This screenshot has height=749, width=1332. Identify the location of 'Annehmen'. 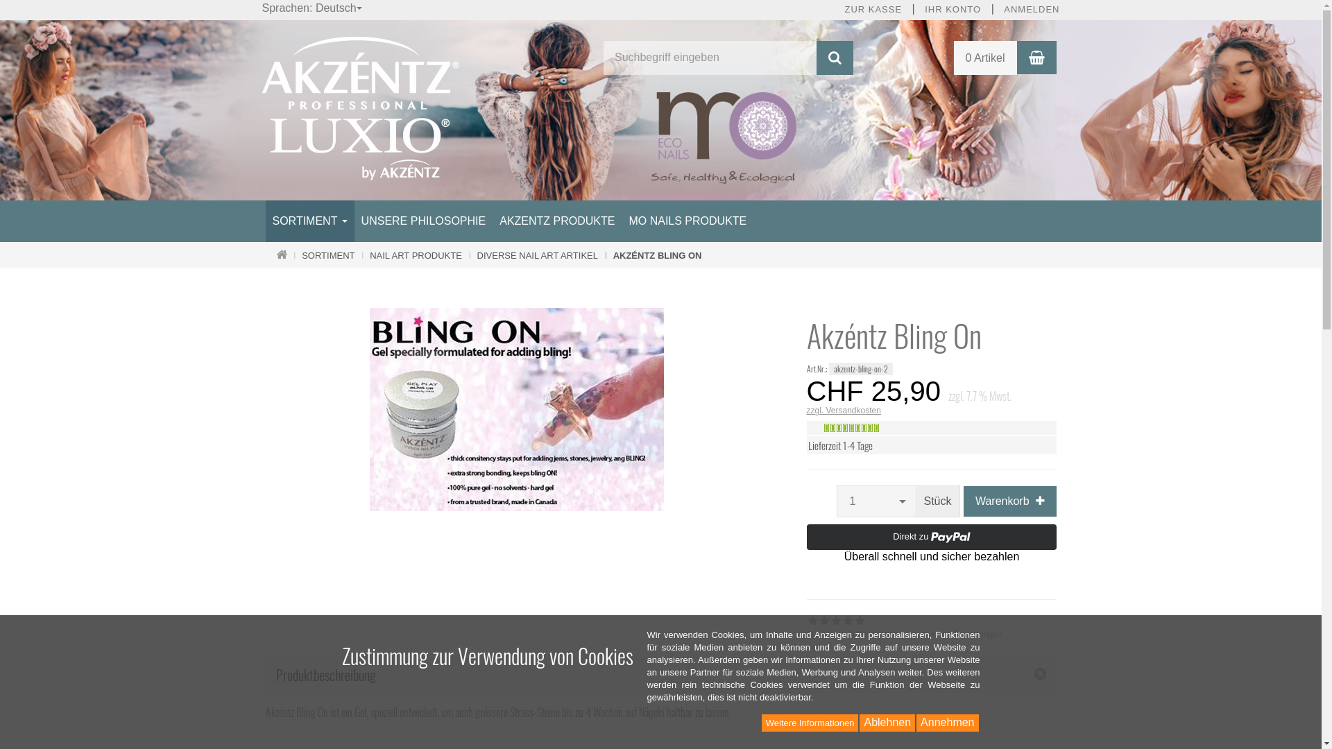
(946, 722).